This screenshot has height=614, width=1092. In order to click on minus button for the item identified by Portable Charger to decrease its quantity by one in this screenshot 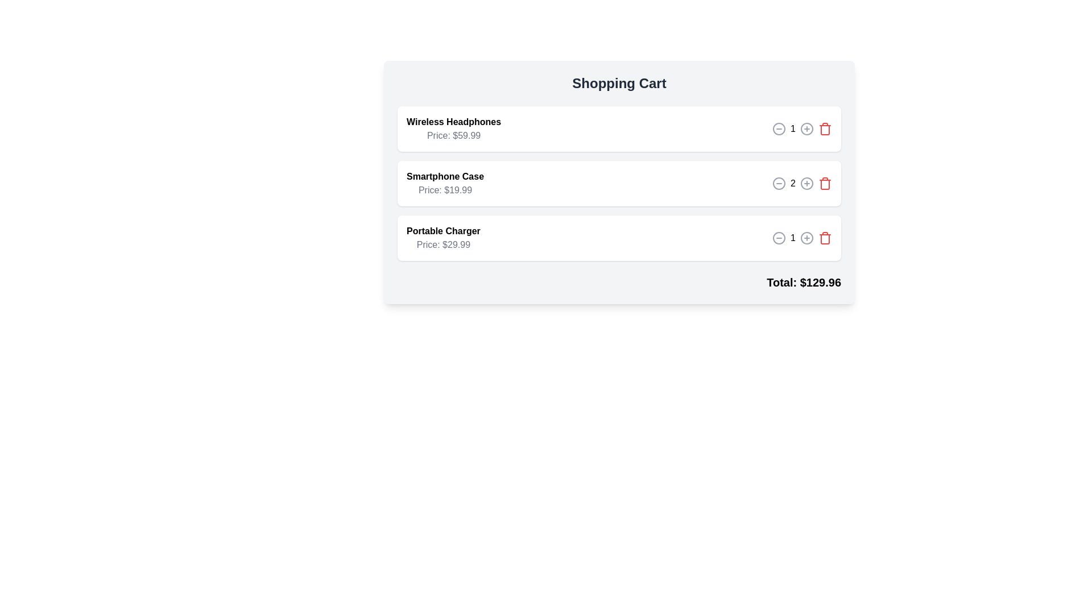, I will do `click(778, 238)`.